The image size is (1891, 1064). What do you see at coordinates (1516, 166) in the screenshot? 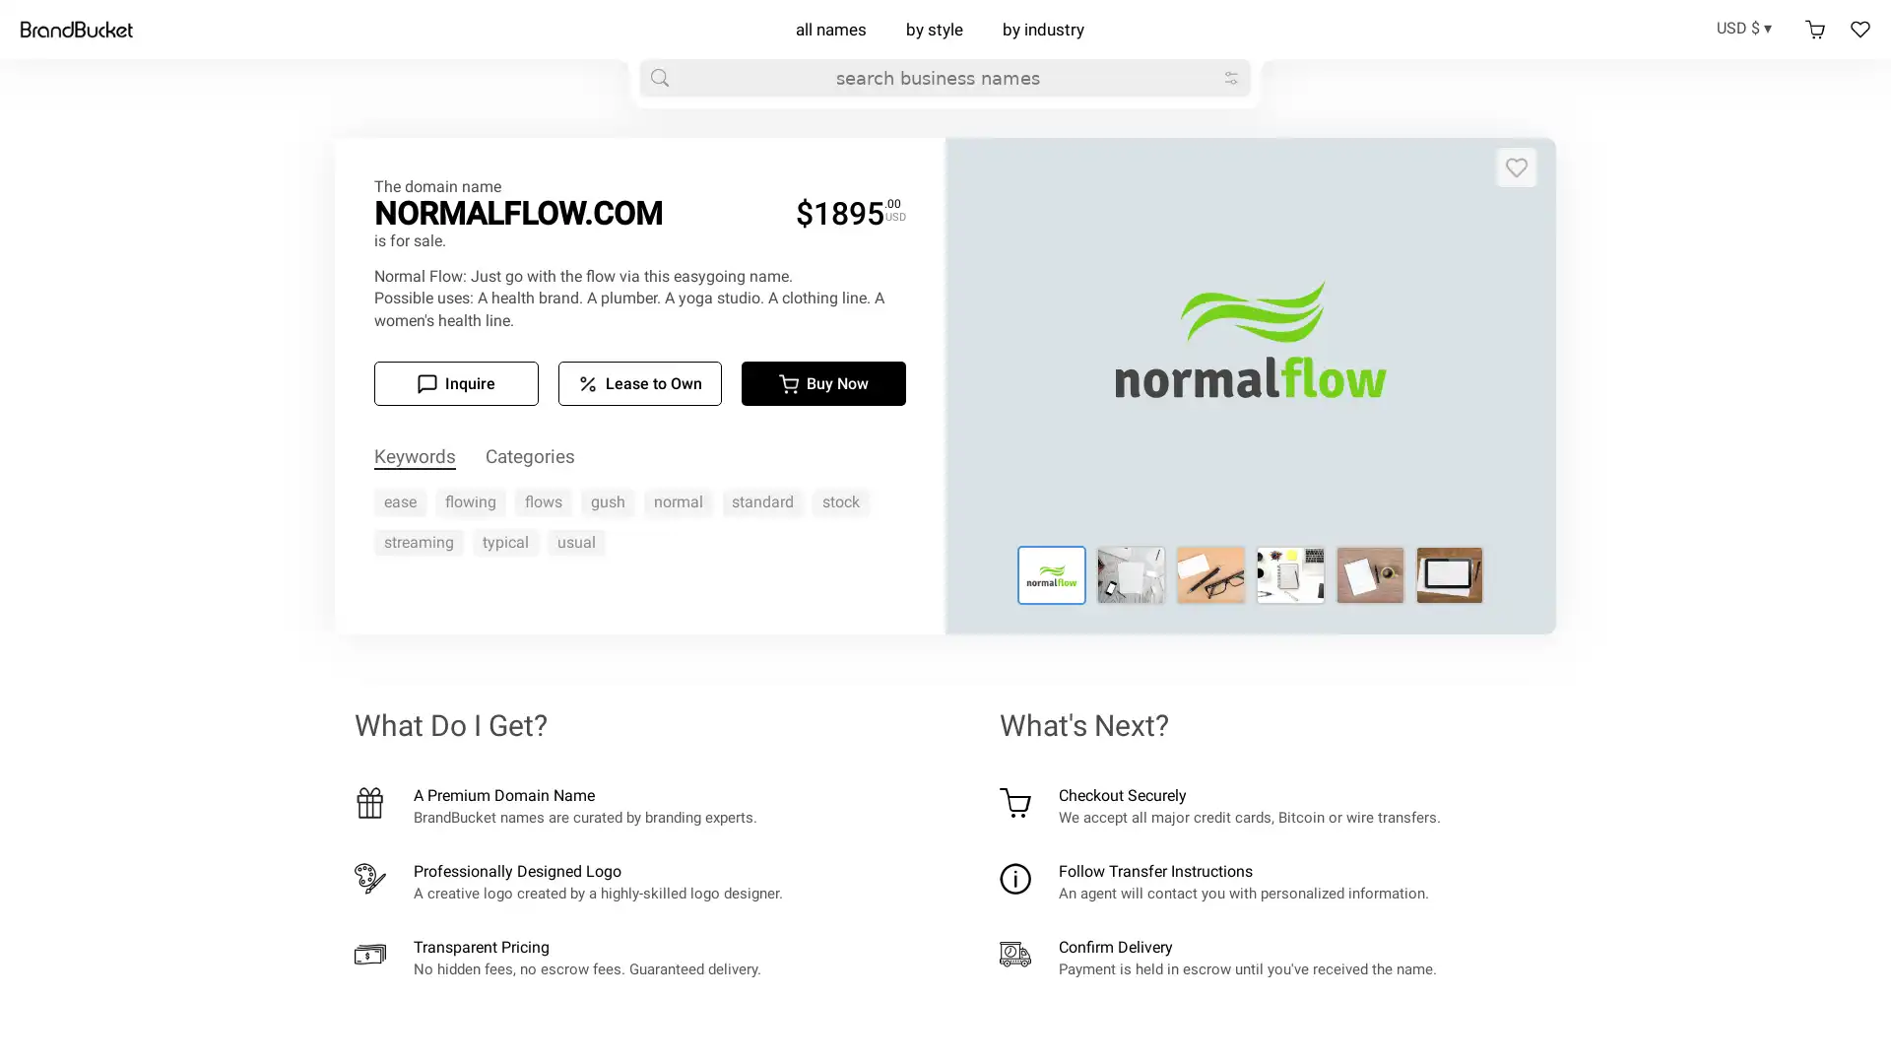
I see `Add to favorites` at bounding box center [1516, 166].